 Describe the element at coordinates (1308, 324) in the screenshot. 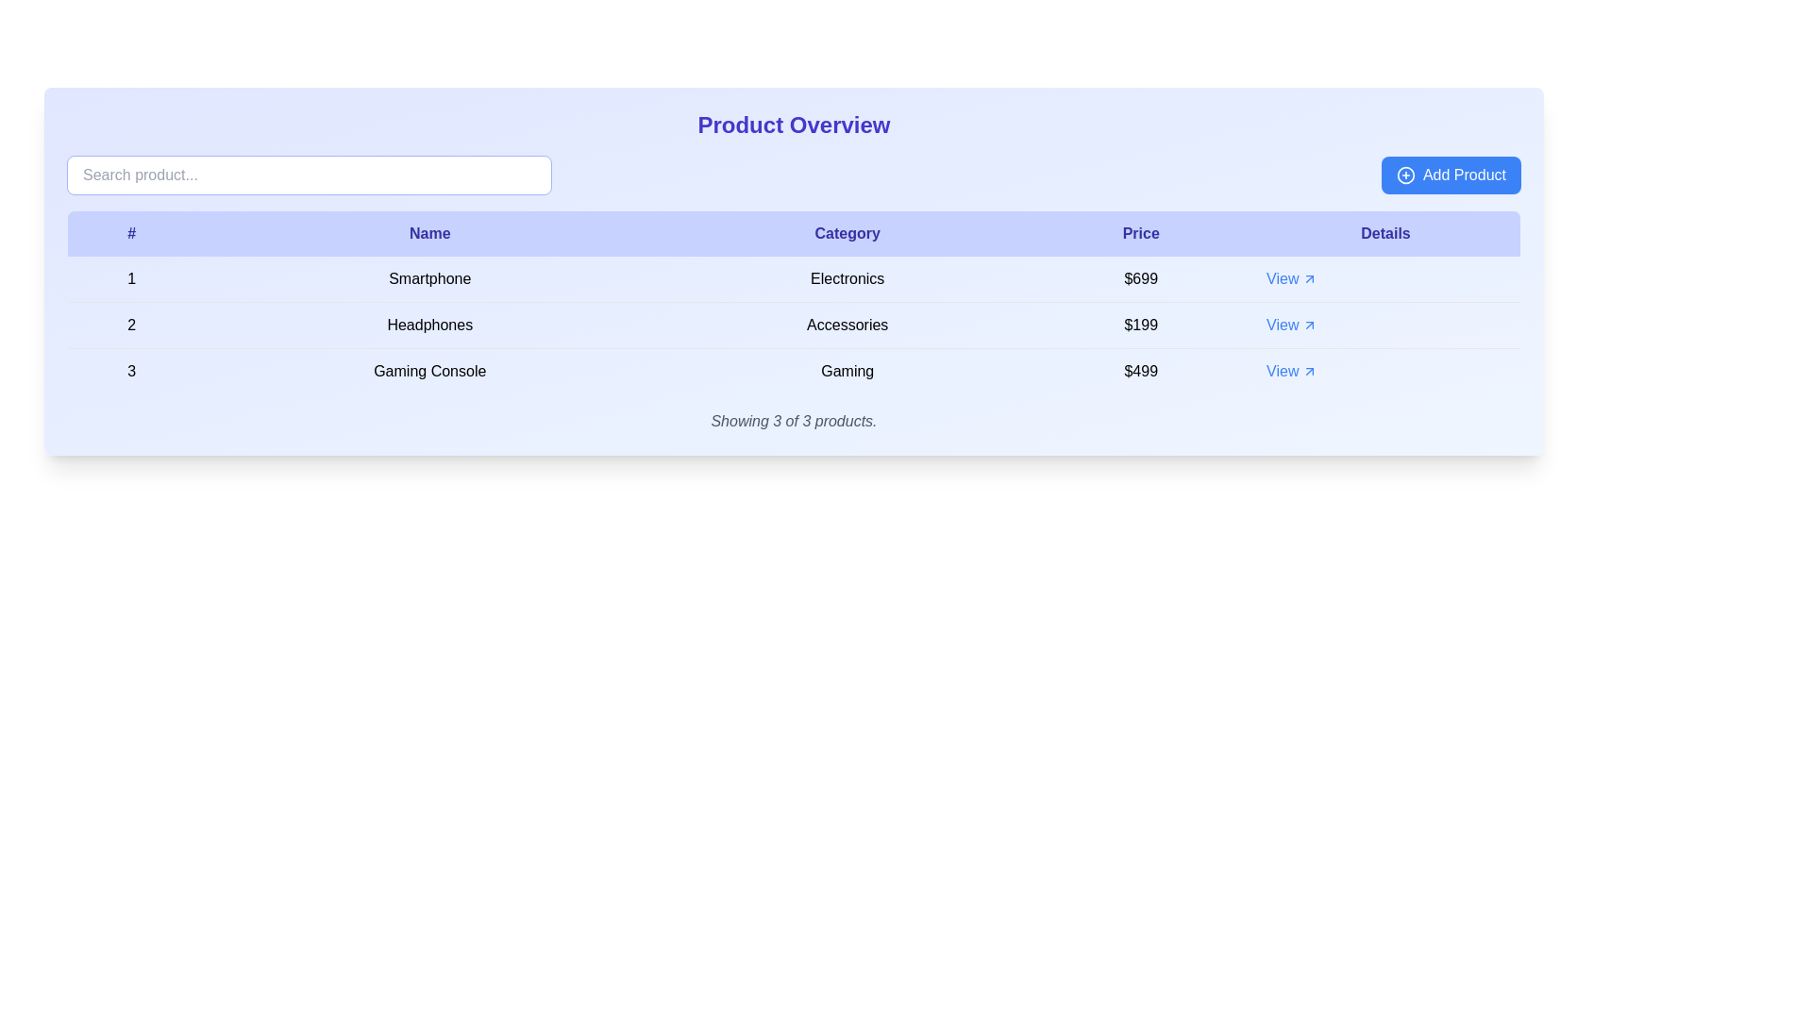

I see `the icon located` at that location.